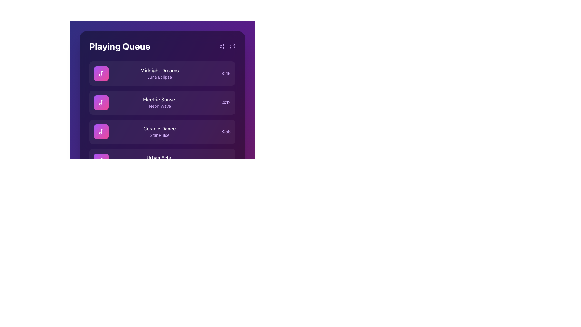 This screenshot has width=581, height=327. I want to click on the Text Display element that shows 'Urban Echo' in a larger white font and 'City Lights' in a smaller purple font, located as the fourth entry in the list of song entries, so click(159, 160).